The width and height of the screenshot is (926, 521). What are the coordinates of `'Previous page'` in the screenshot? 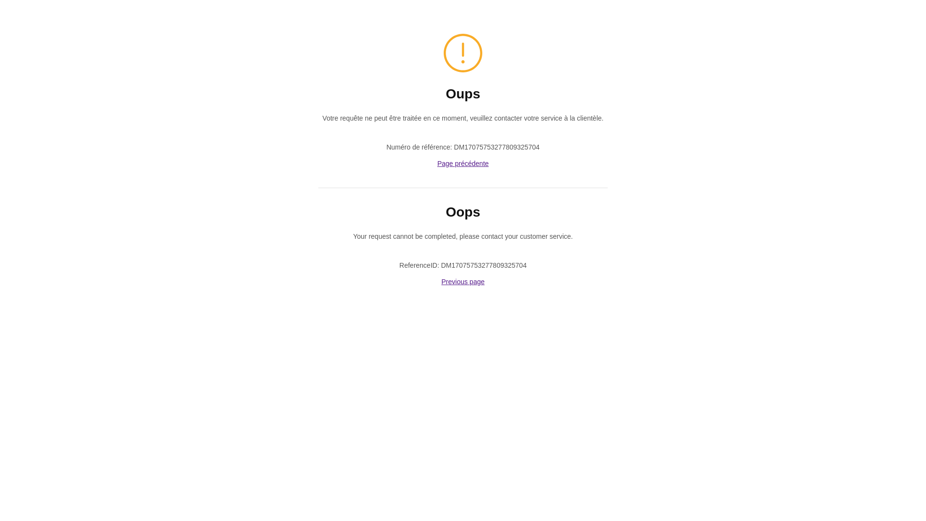 It's located at (463, 281).